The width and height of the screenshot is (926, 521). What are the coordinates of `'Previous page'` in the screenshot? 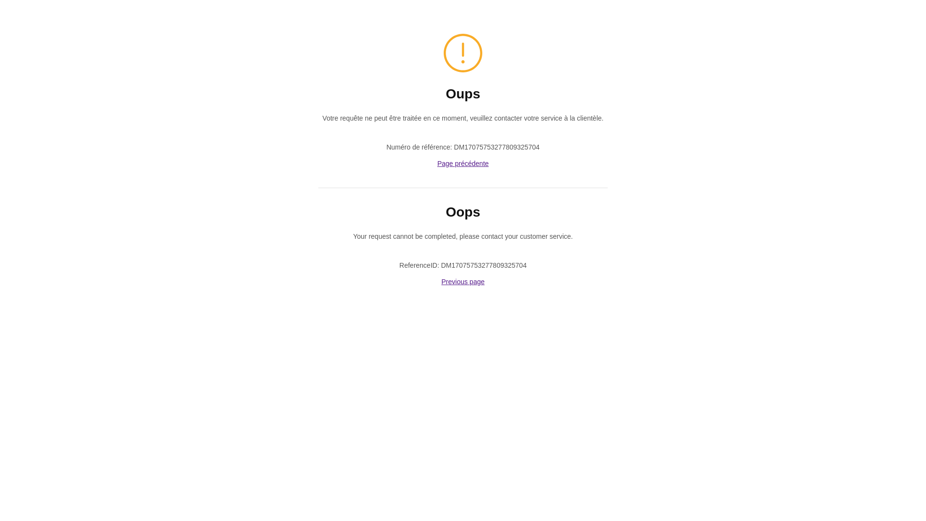 It's located at (463, 281).